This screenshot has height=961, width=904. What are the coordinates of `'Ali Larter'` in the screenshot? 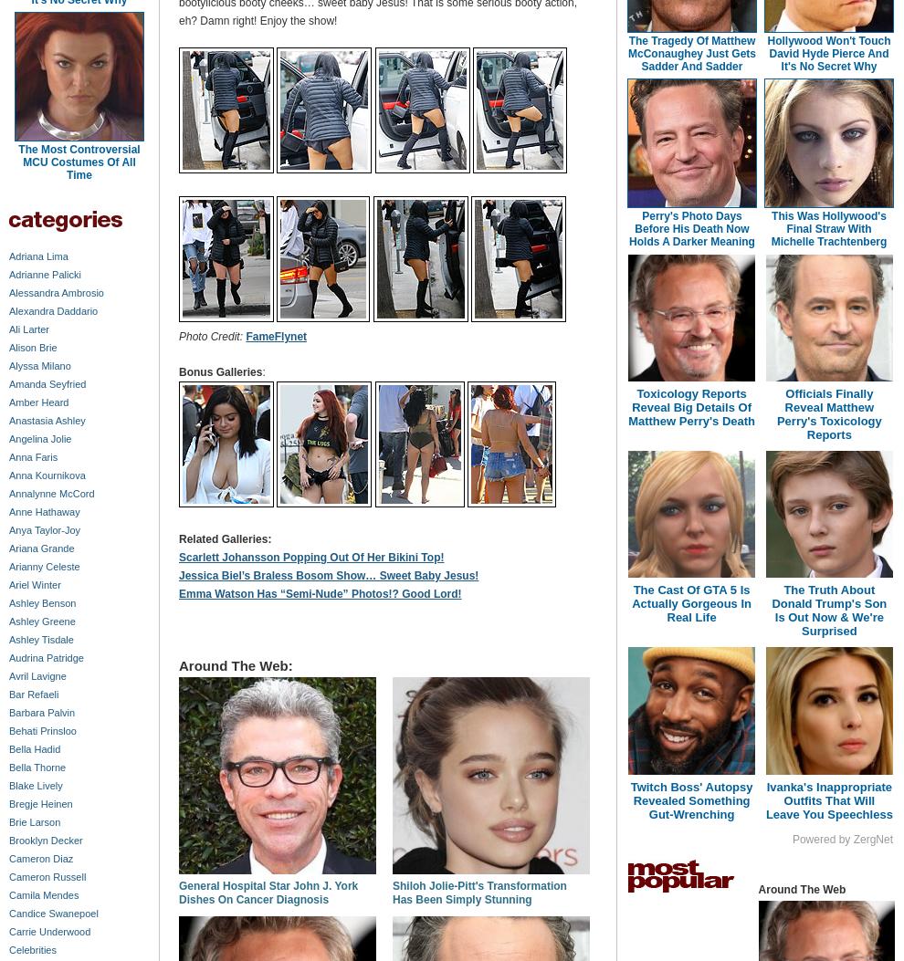 It's located at (27, 328).